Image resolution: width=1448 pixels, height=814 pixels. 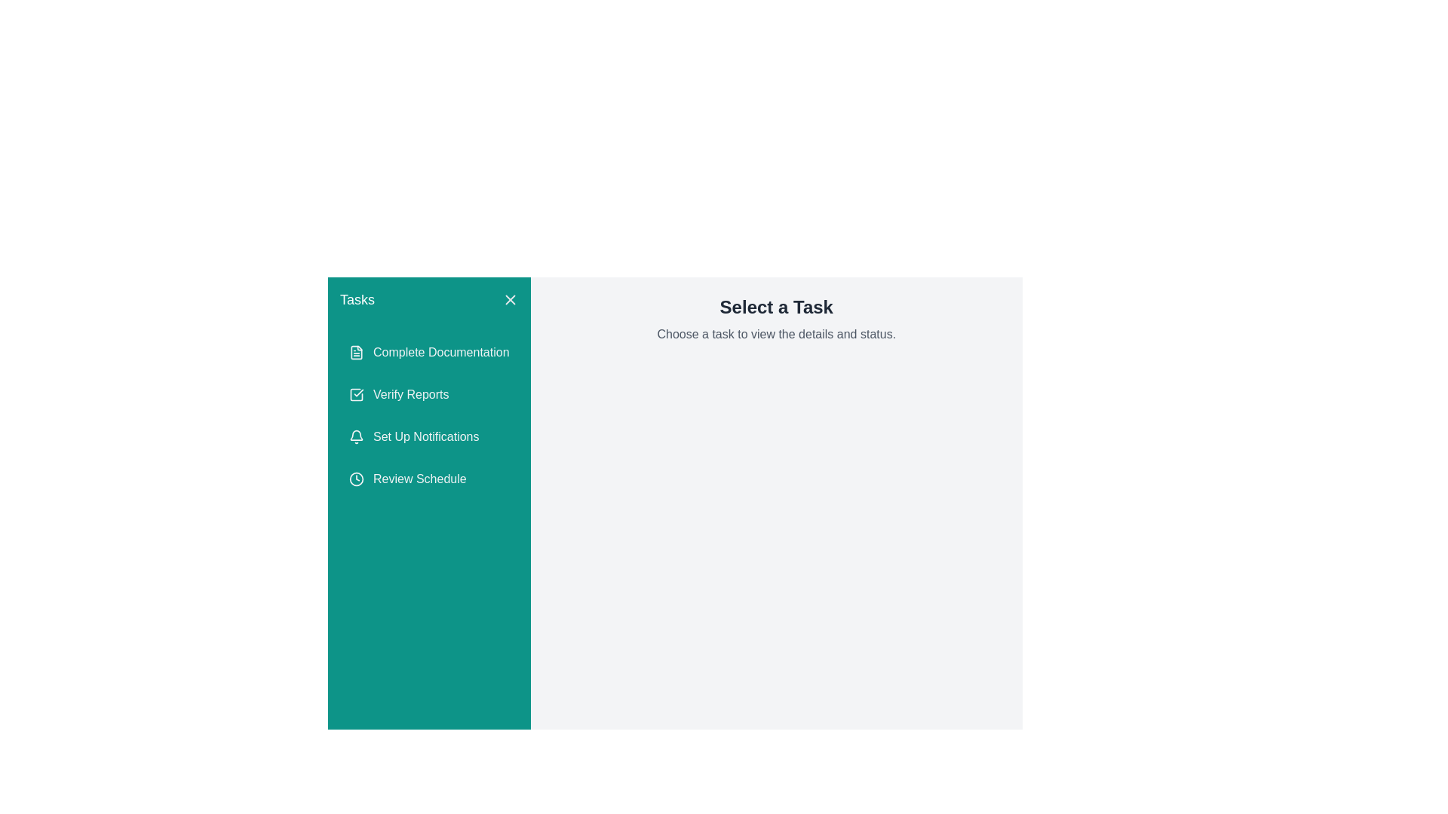 I want to click on the static text label located in the top-left corner of the green sidebar, which serves as a title or heading for the section, so click(x=357, y=299).